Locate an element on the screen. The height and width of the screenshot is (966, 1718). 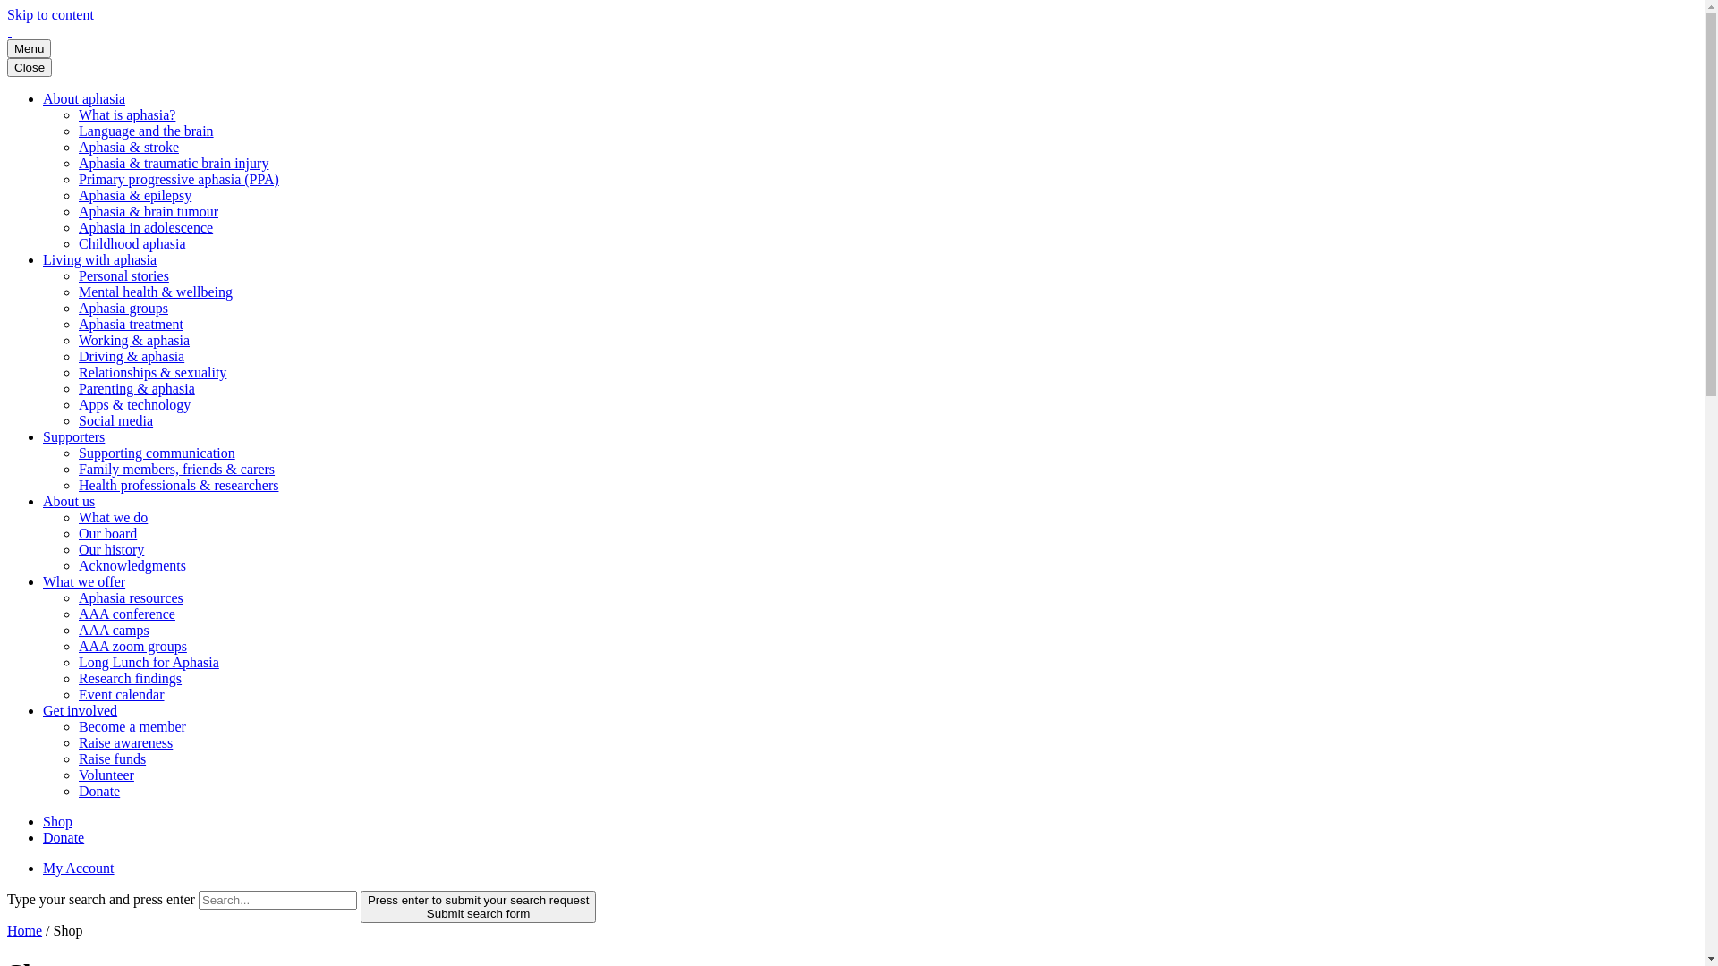
'Volunteer' is located at coordinates (77, 774).